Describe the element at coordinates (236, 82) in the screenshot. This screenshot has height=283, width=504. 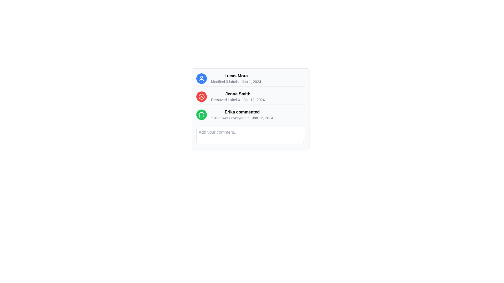
I see `the static text component displaying 'Modified 3 labels - Jan 1, 2024', which is styled in gray and located directly below 'Lucas Mora'` at that location.